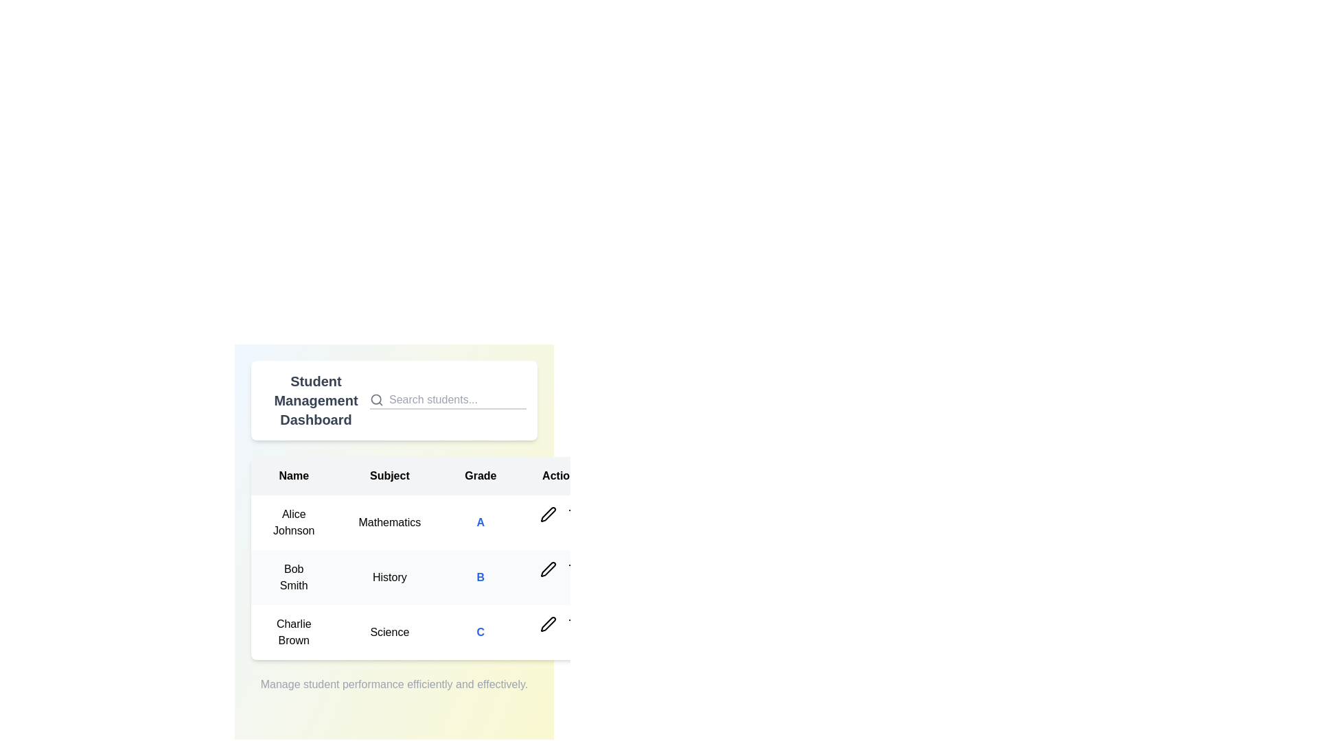  What do you see at coordinates (393, 558) in the screenshot?
I see `text within any cell of the student information data table located centrally below the search bar` at bounding box center [393, 558].